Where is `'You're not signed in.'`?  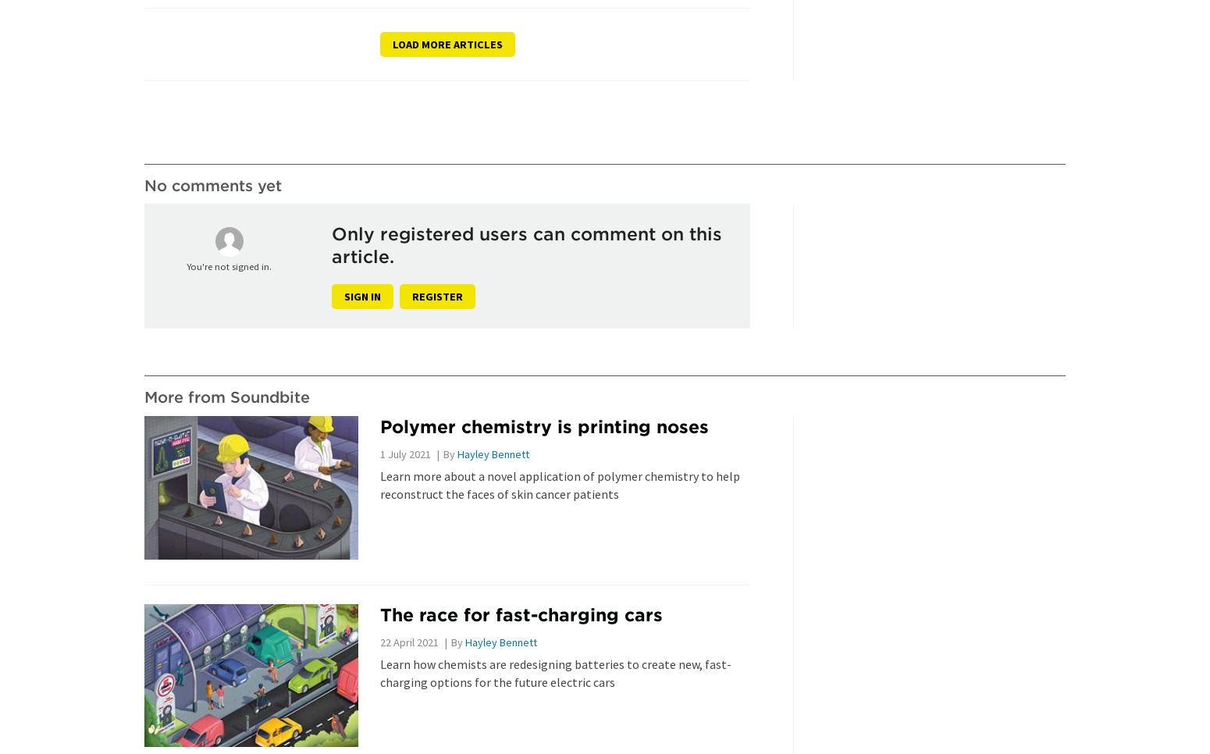
'You're not signed in.' is located at coordinates (187, 266).